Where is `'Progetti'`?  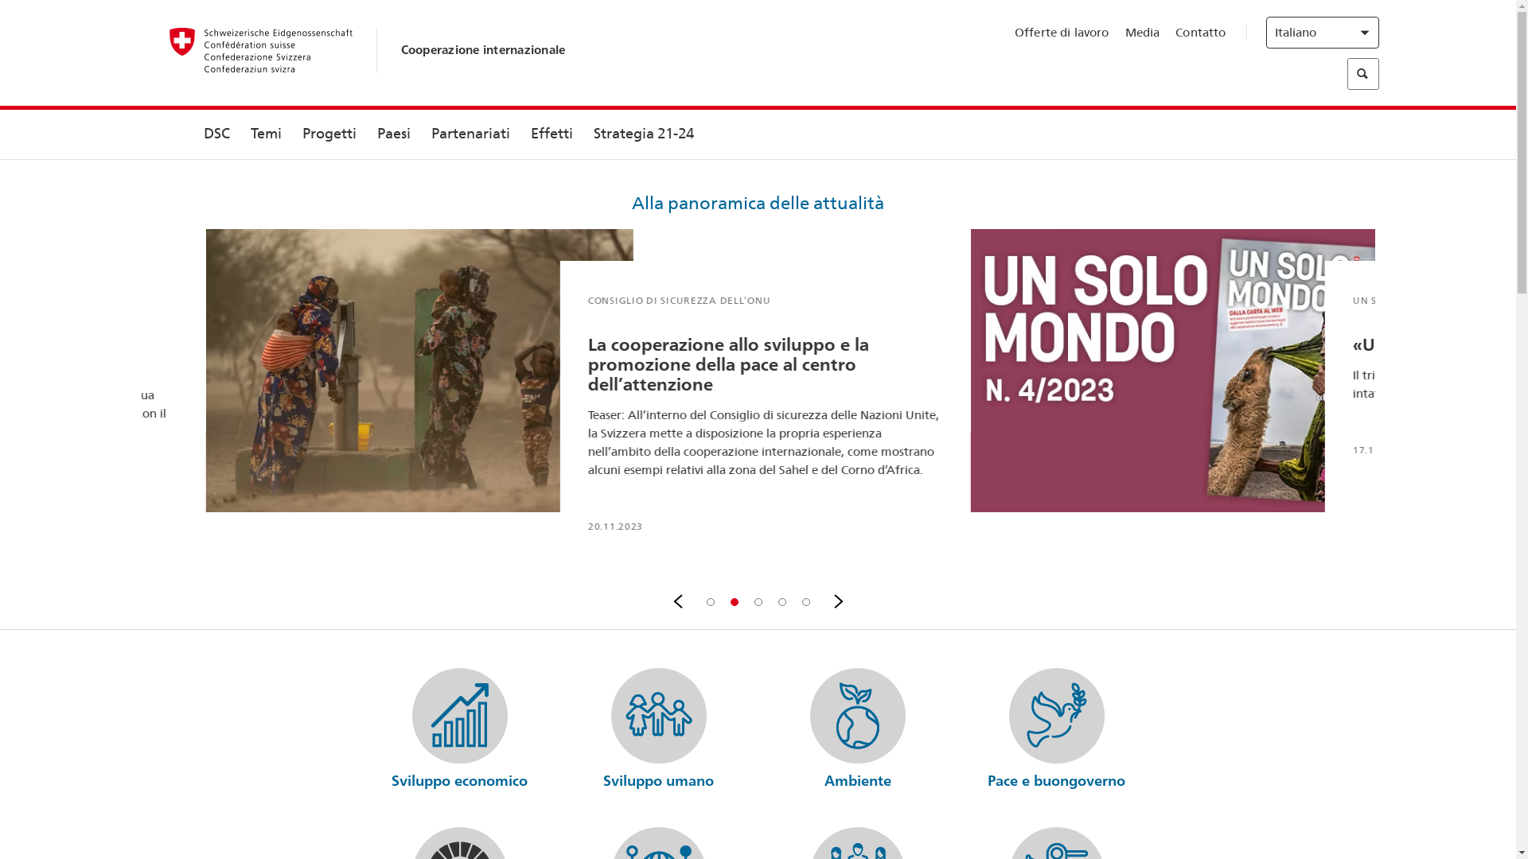
'Progetti' is located at coordinates (327, 134).